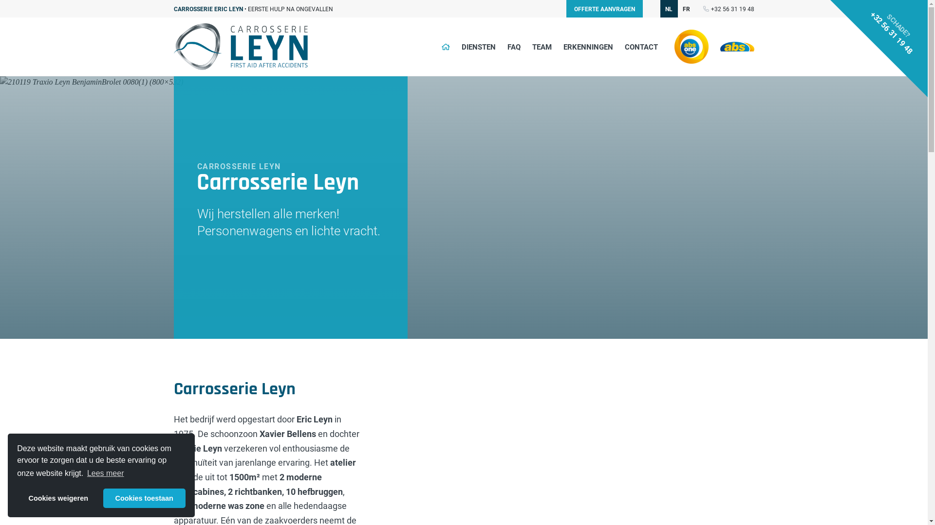 The image size is (935, 525). Describe the element at coordinates (144, 498) in the screenshot. I see `'Cookies toestaan'` at that location.